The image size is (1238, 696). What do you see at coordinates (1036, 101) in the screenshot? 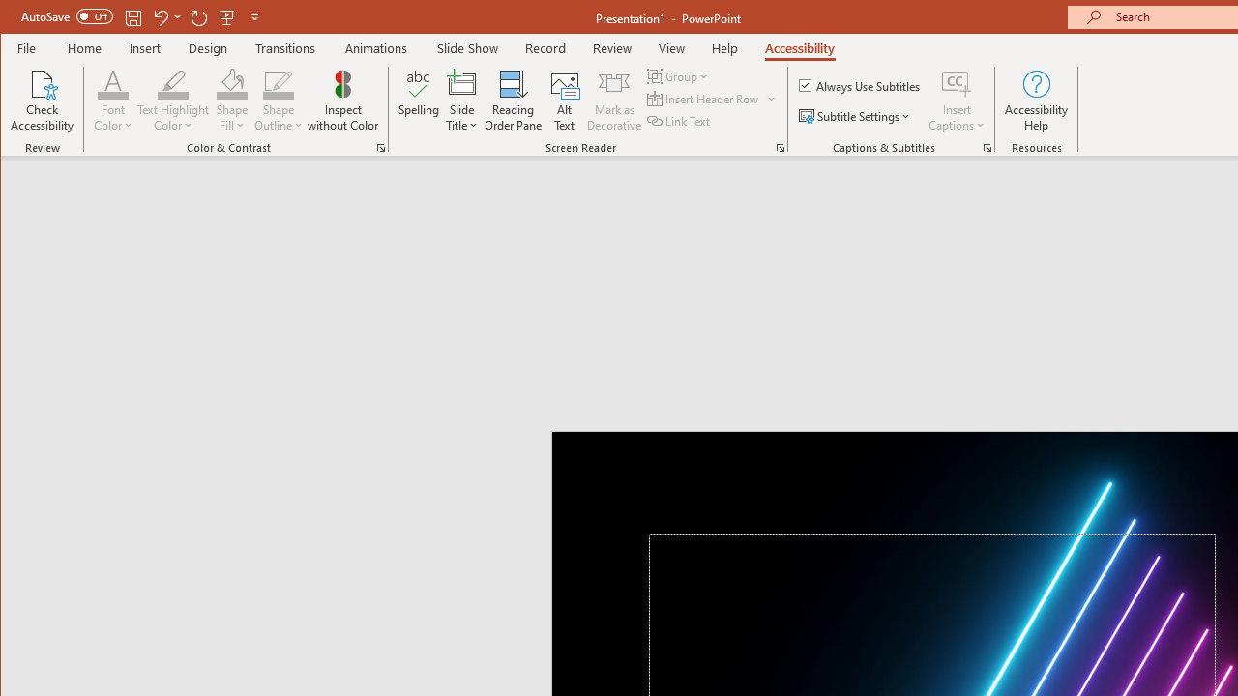
I see `'Accessibility Help'` at bounding box center [1036, 101].